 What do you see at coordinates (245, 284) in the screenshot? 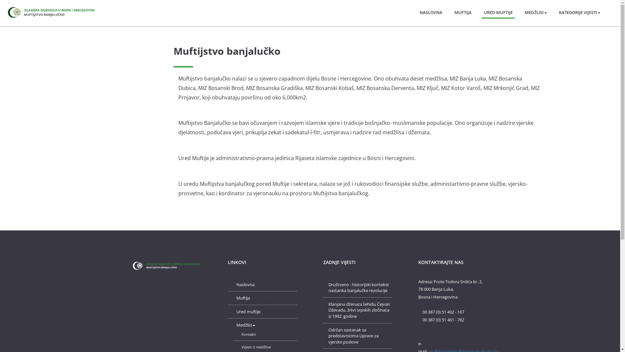
I see `'Naslovna'` at bounding box center [245, 284].